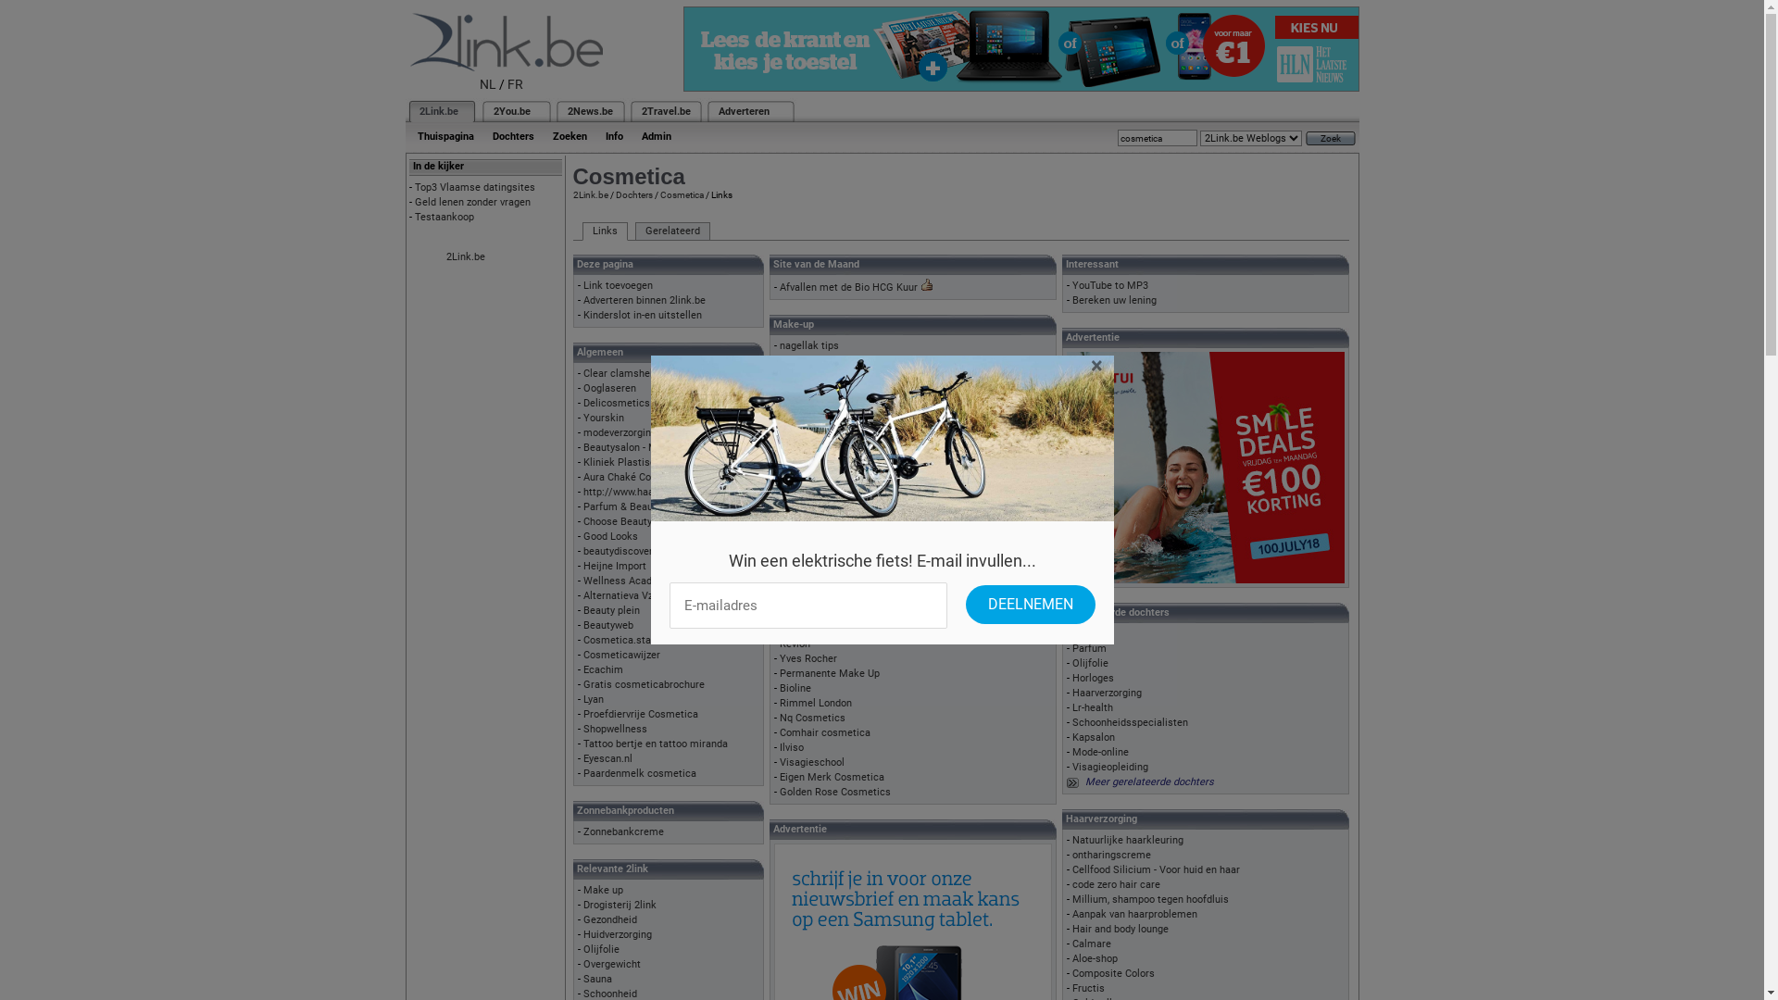  Describe the element at coordinates (638, 447) in the screenshot. I see `'Beautysalon - Magazine'` at that location.